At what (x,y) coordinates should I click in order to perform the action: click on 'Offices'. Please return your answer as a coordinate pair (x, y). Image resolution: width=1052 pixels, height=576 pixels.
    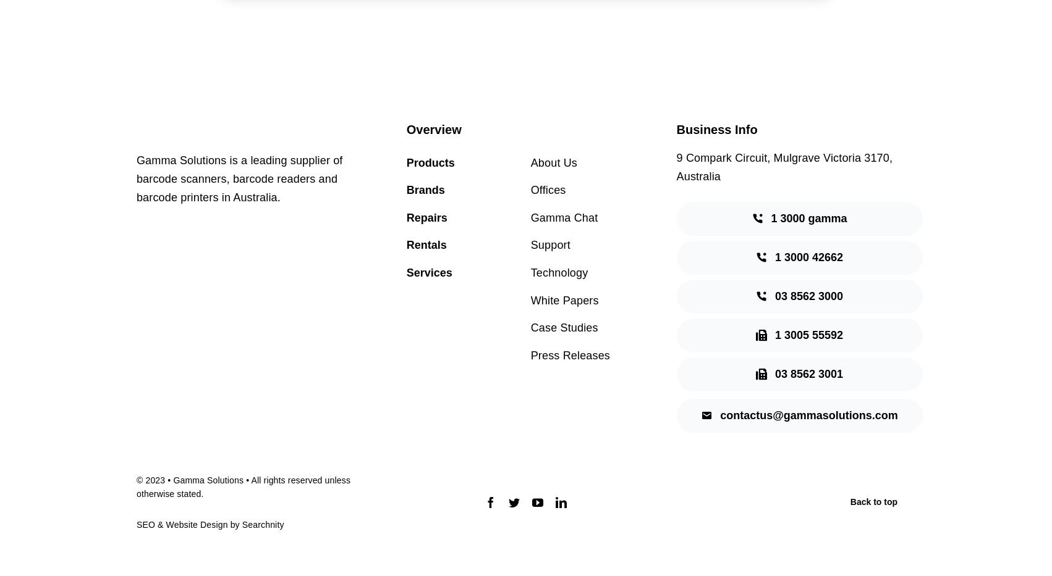
    Looking at the image, I should click on (548, 190).